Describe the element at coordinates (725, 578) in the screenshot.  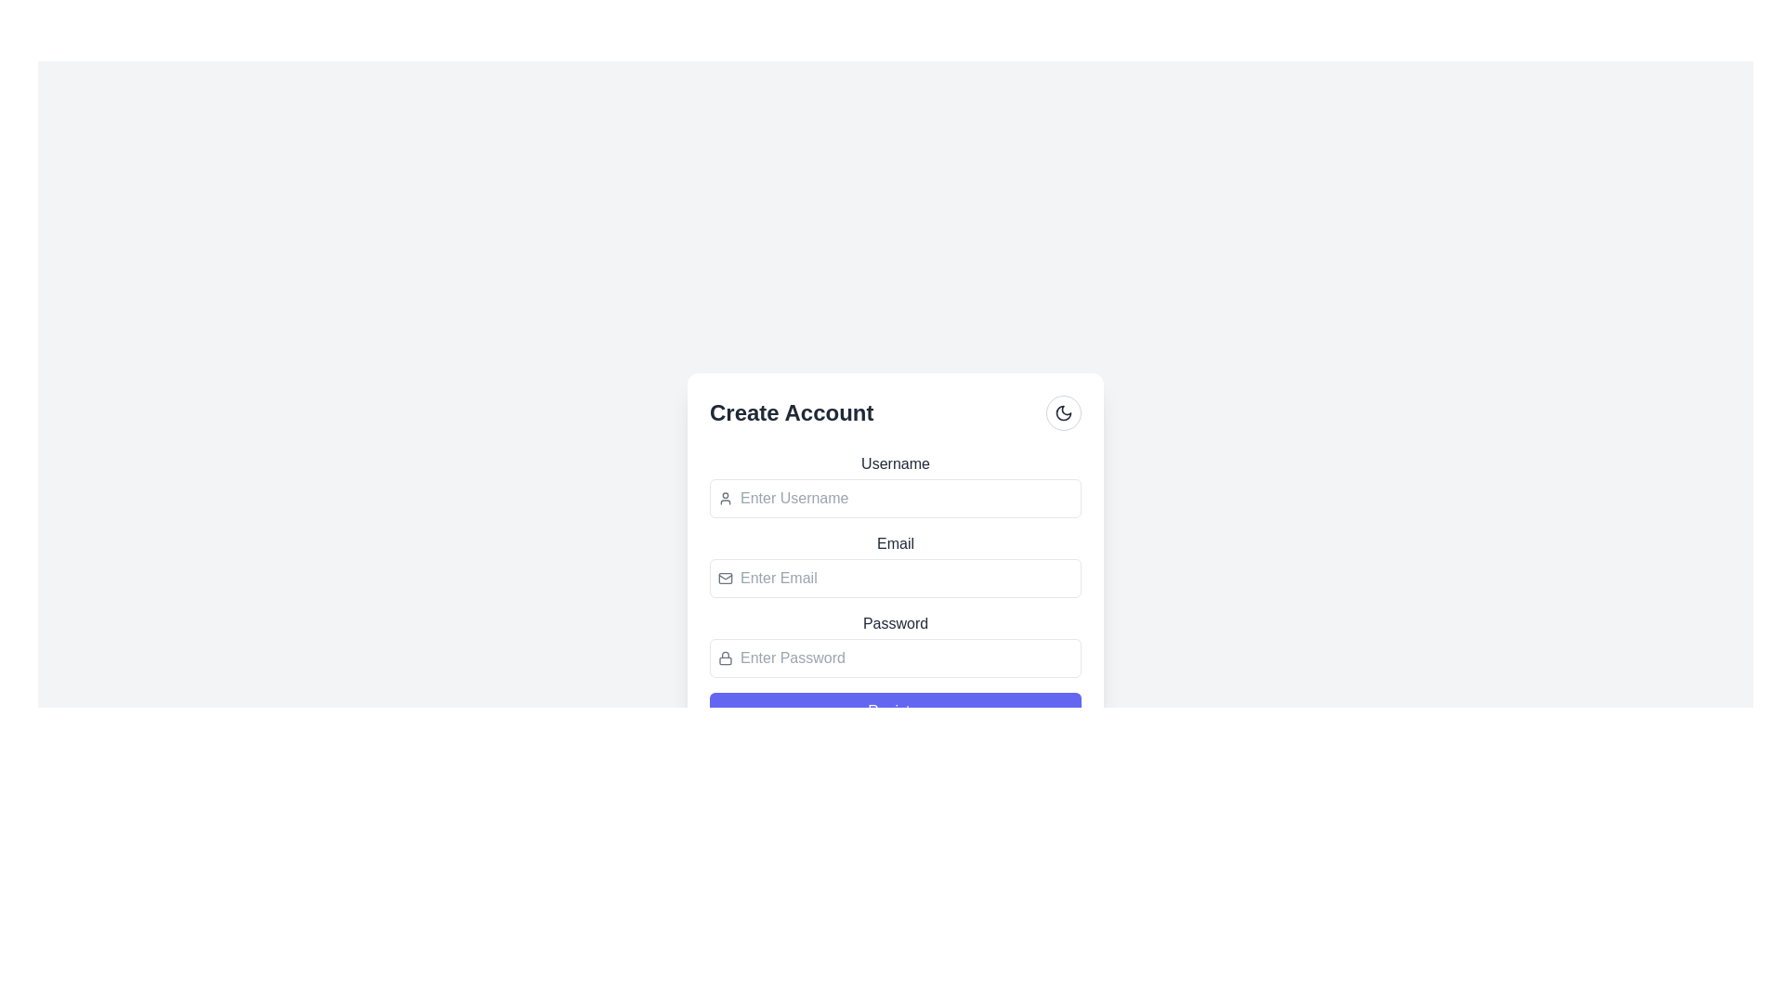
I see `the email icon located to the left of the email input field in the 'Create Account' form` at that location.